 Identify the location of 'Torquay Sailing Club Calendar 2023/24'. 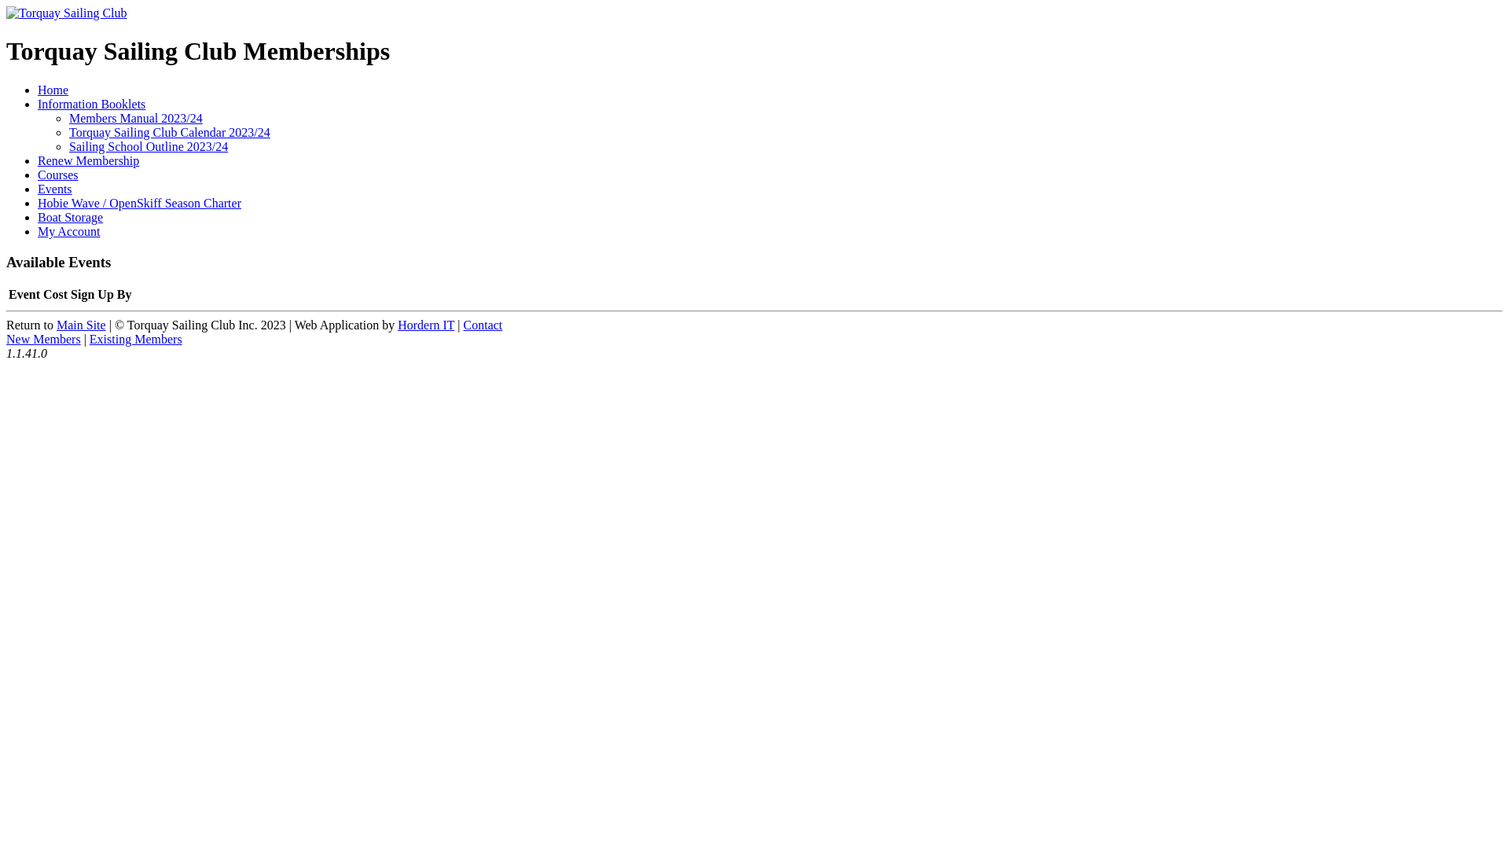
(170, 131).